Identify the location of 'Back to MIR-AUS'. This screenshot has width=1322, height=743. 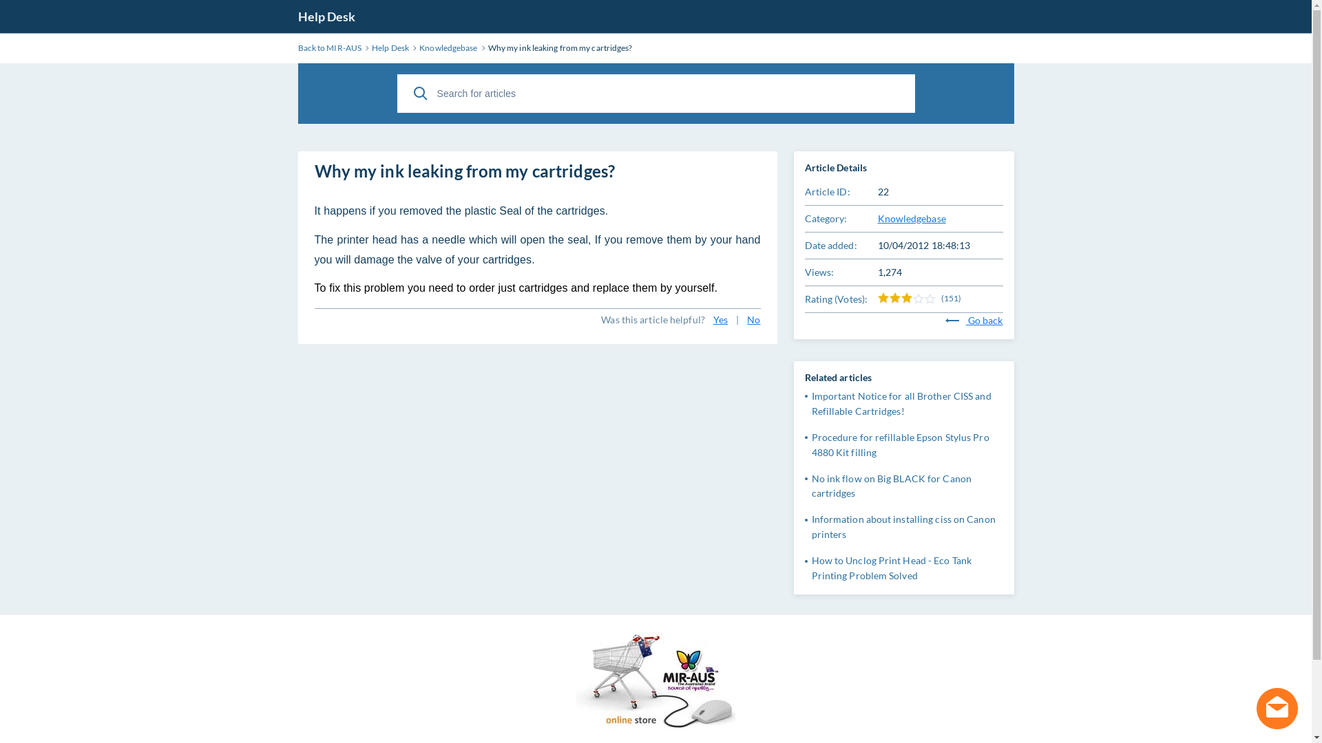
(328, 47).